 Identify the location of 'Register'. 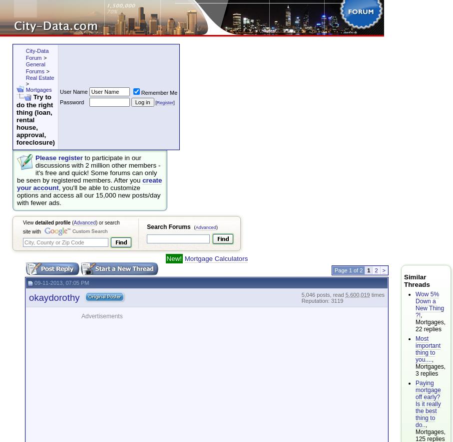
(164, 102).